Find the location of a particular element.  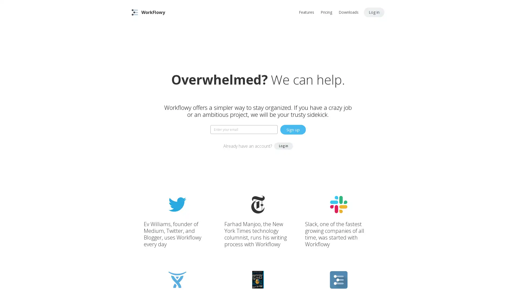

Sign up is located at coordinates (292, 129).